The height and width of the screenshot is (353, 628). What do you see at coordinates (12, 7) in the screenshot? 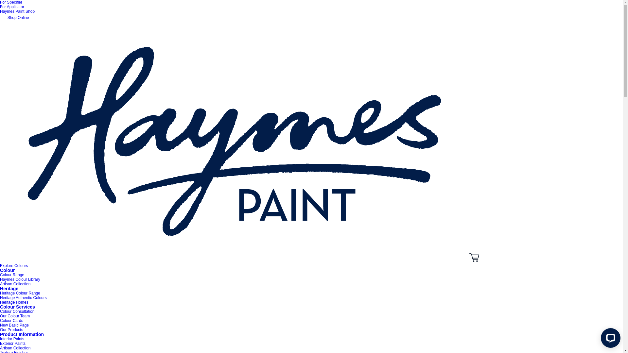
I see `'For Applicator'` at bounding box center [12, 7].